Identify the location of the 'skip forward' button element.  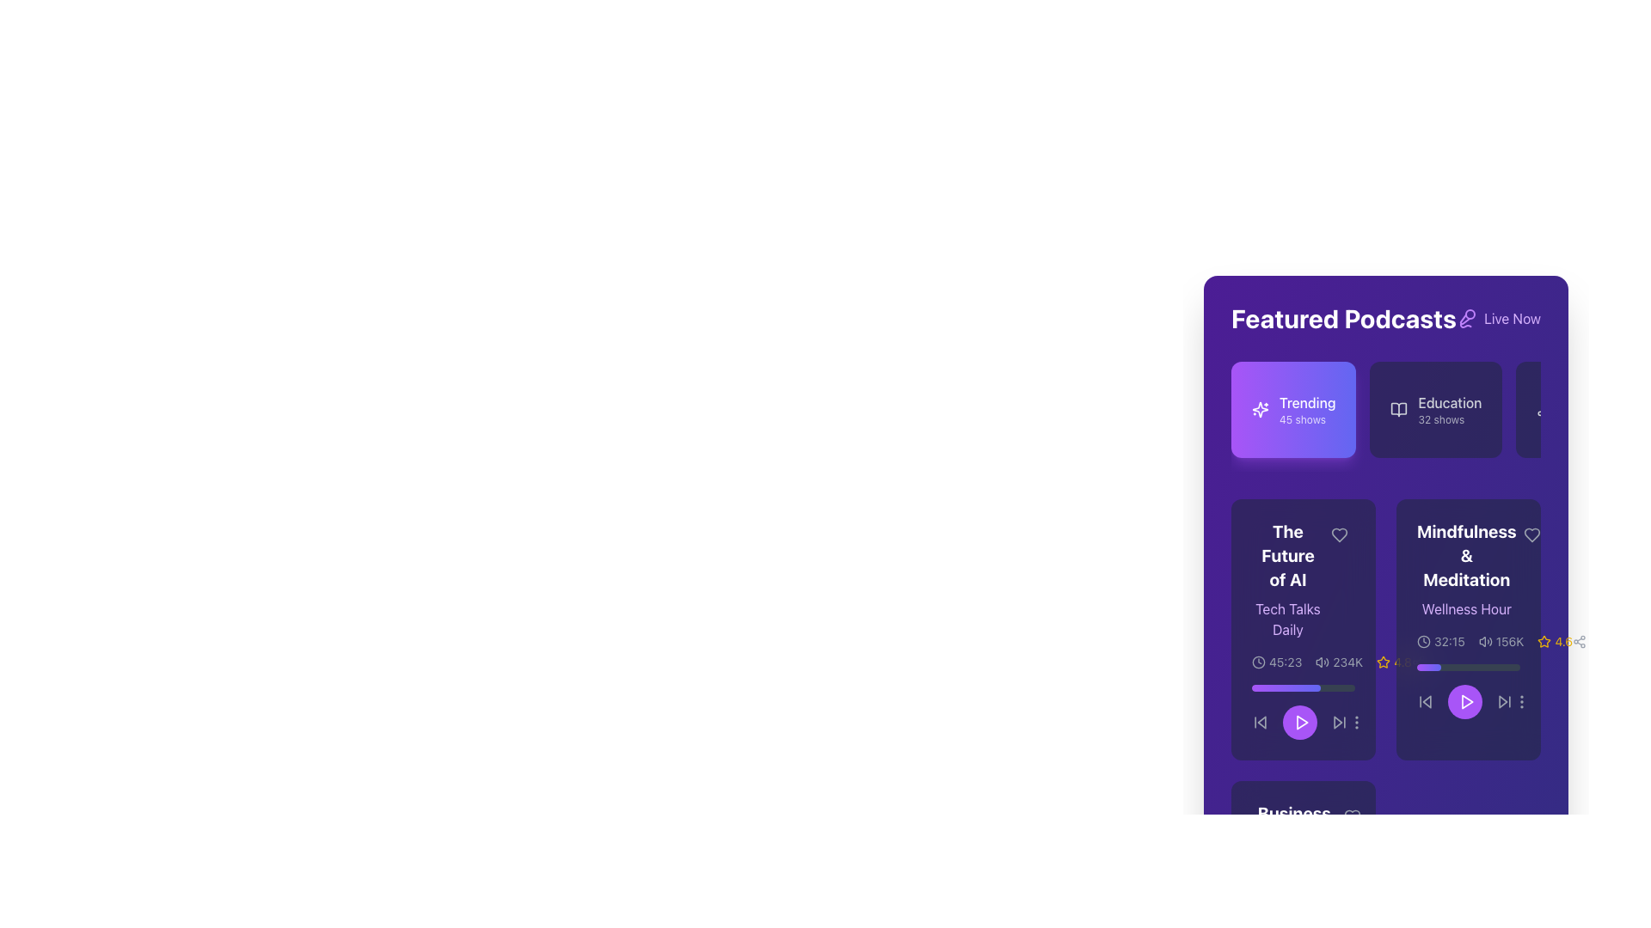
(1502, 702).